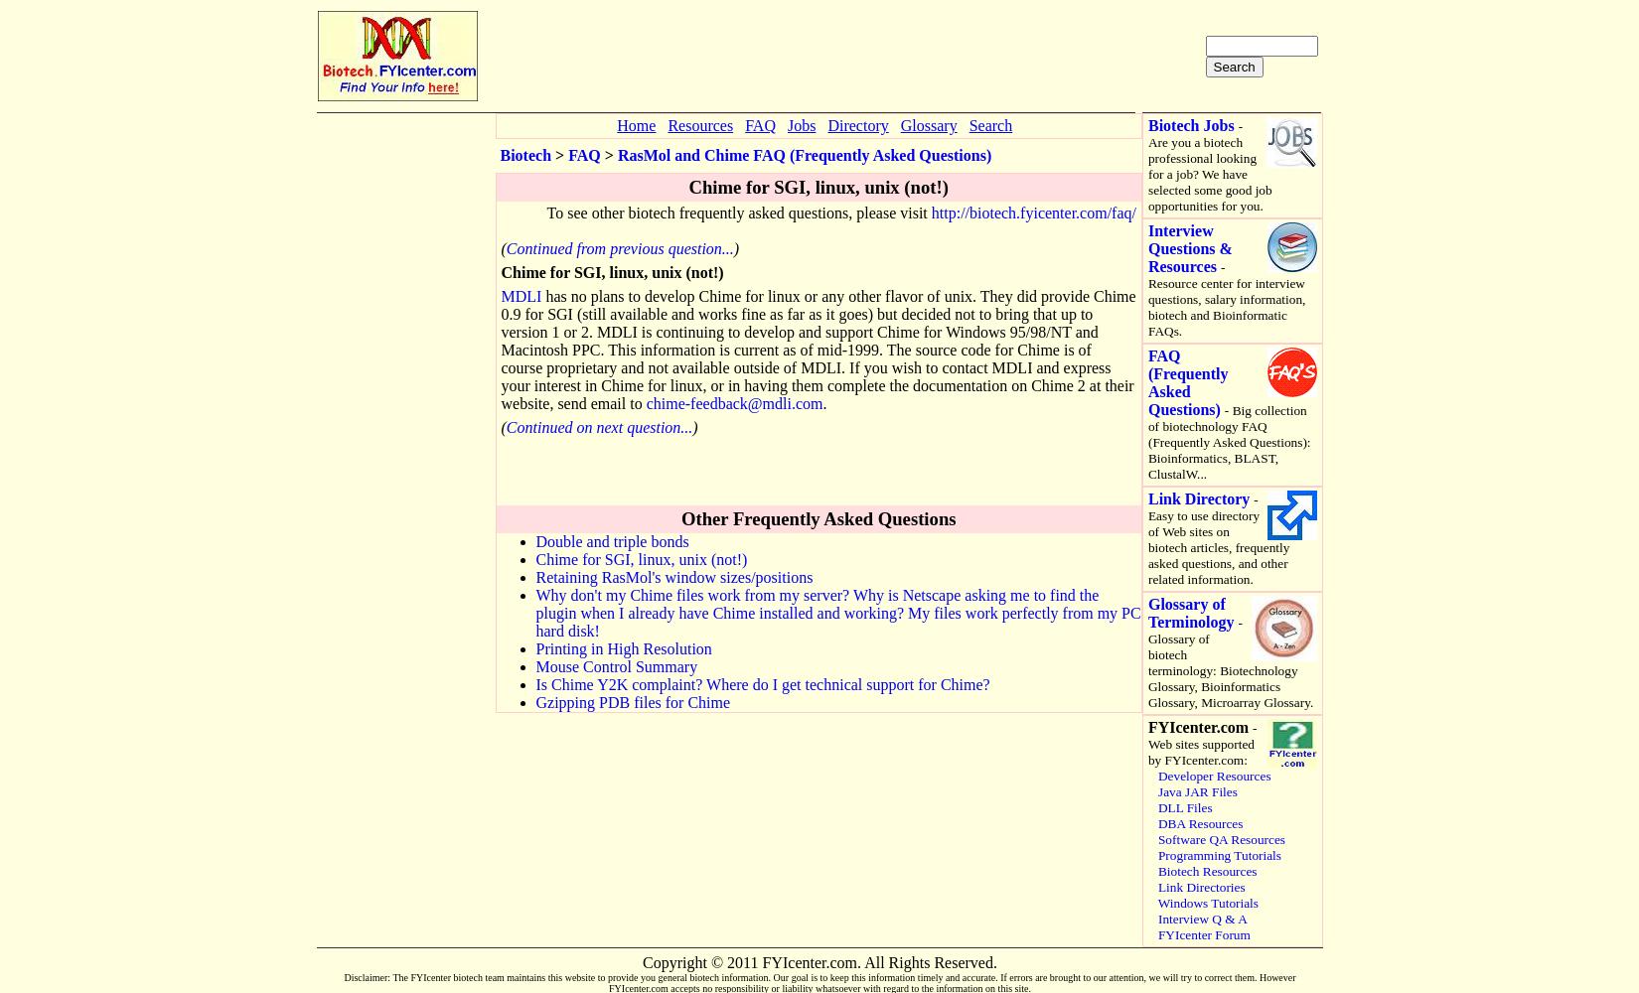 The image size is (1639, 993). I want to click on 'Interview Questions & Resources', so click(1147, 248).